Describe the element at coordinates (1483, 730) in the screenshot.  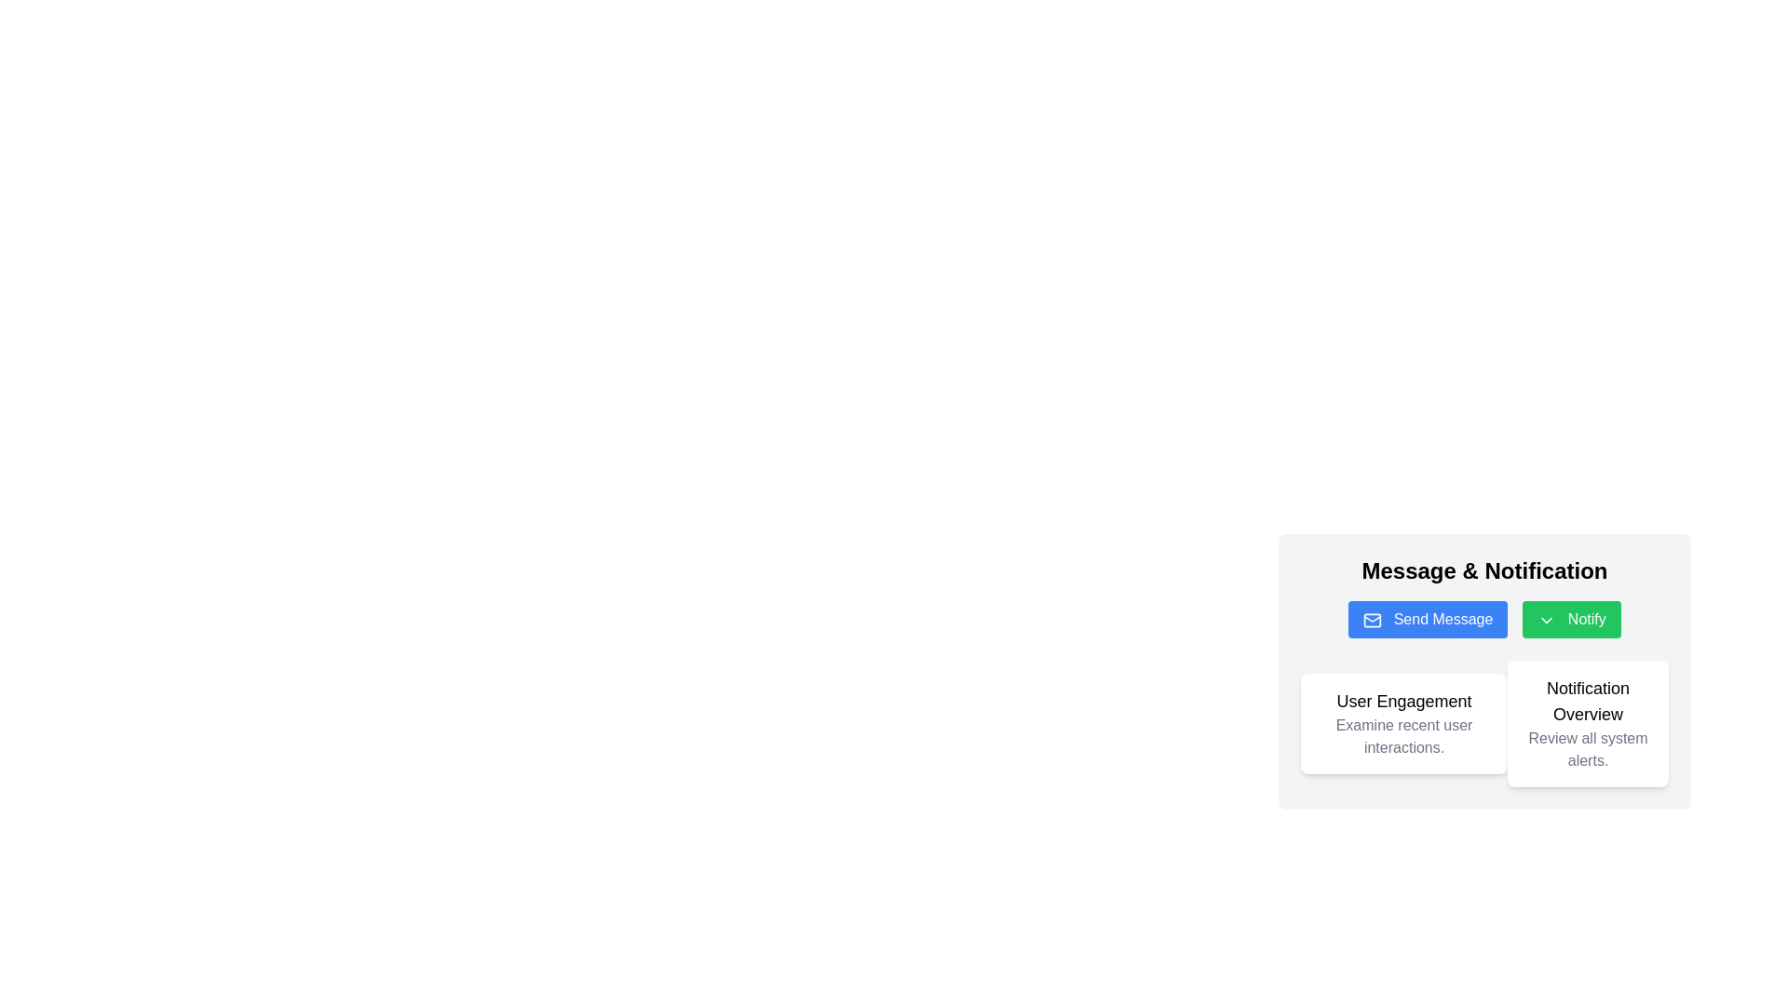
I see `the Informational Card, which is the left card in a row of two, positioned under the 'Send Message' and 'Notify' buttons` at that location.